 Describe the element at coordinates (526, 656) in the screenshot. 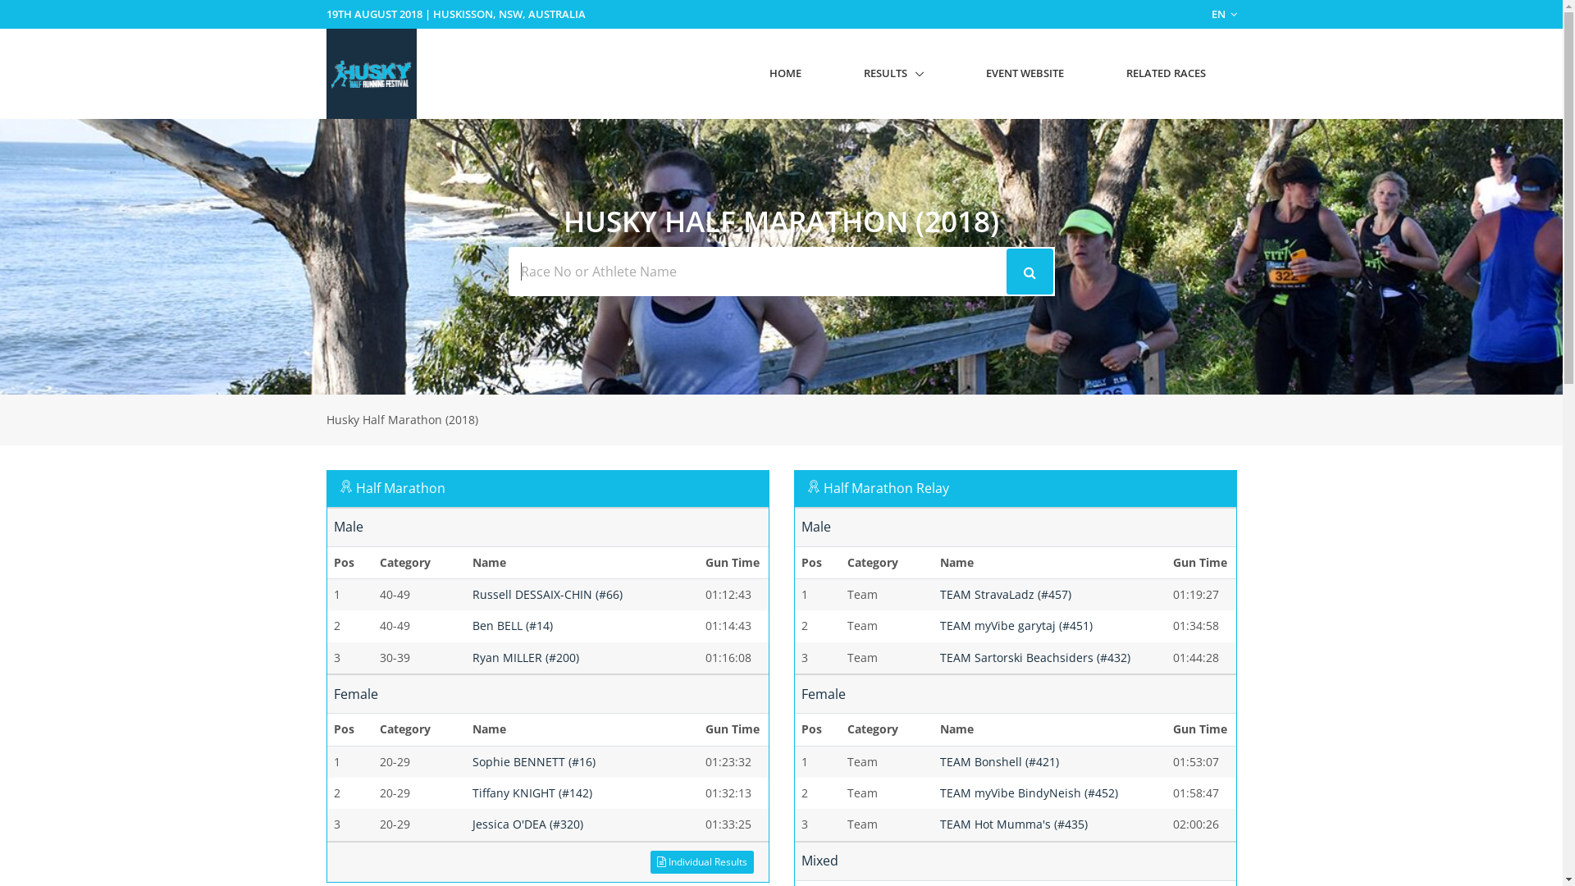

I see `'Ryan MILLER (#200)'` at that location.